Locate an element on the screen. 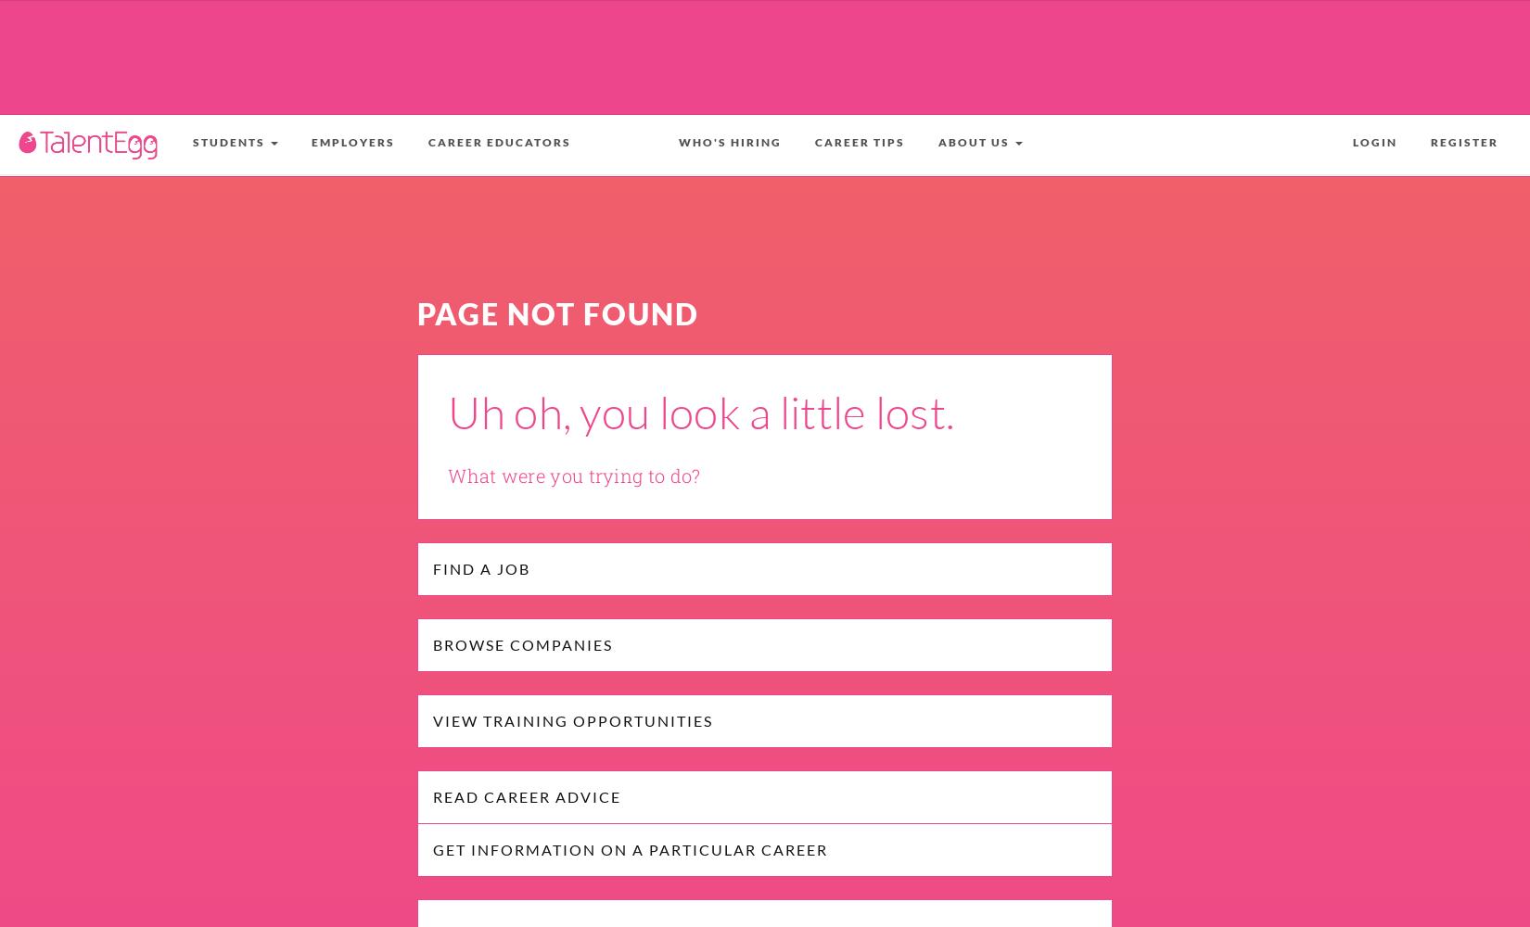 Image resolution: width=1530 pixels, height=927 pixels. 'Get Information on a particular Career' is located at coordinates (629, 849).